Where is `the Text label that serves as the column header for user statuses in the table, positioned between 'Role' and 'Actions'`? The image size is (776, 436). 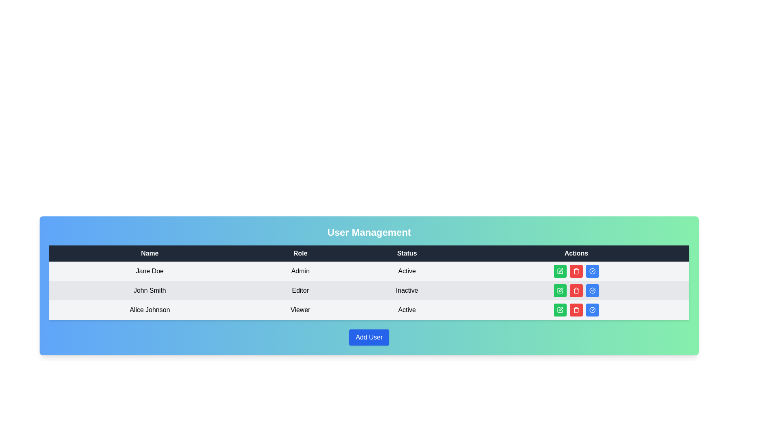 the Text label that serves as the column header for user statuses in the table, positioned between 'Role' and 'Actions' is located at coordinates (407, 253).